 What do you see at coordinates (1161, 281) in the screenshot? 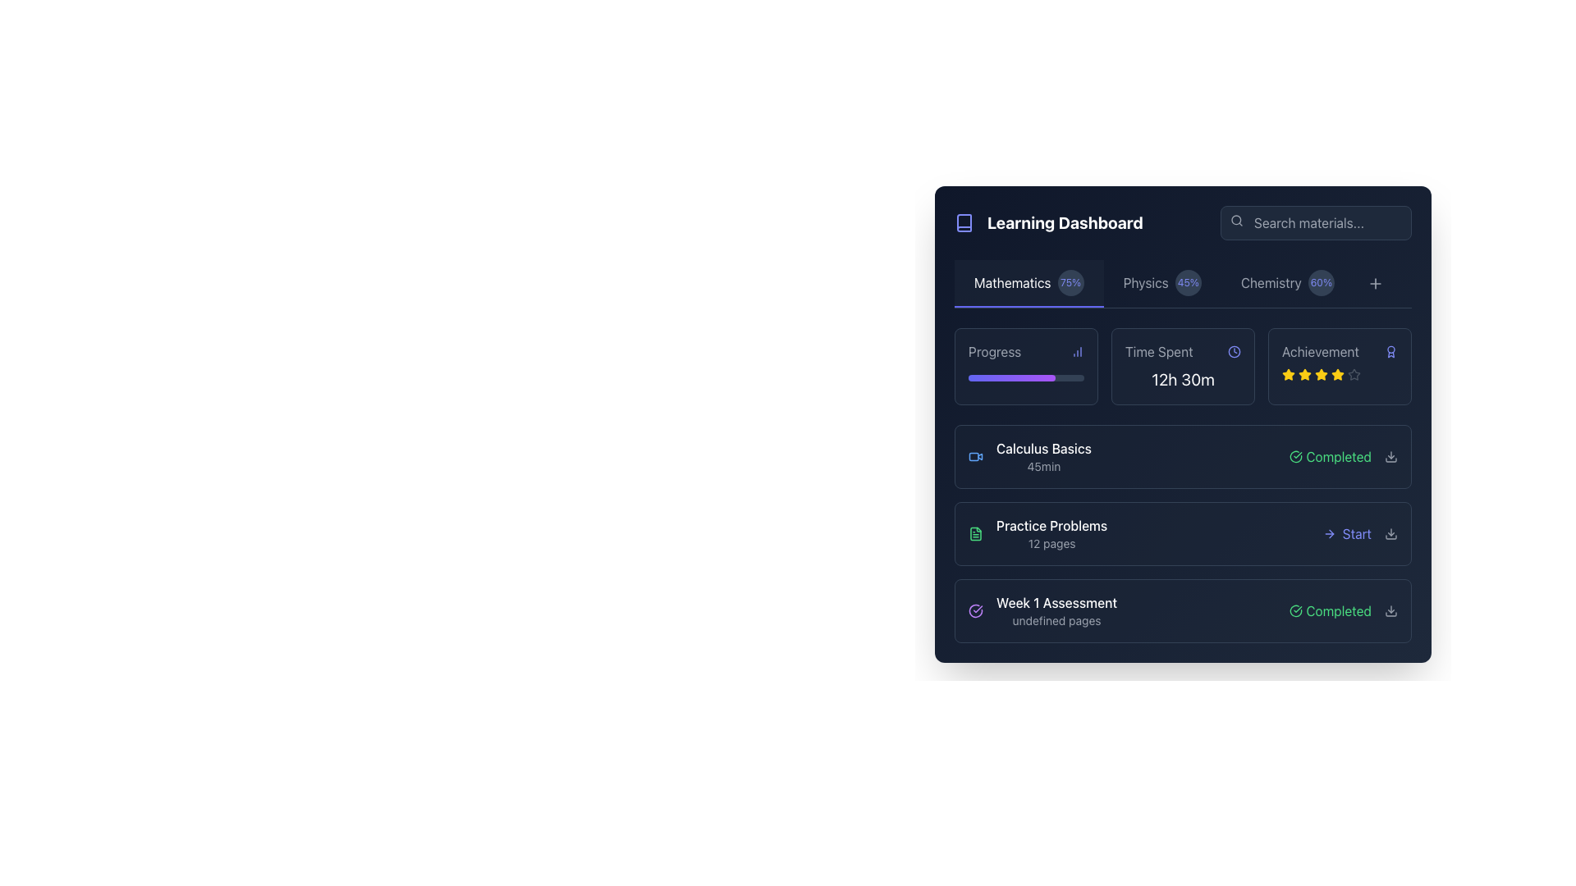
I see `the composite display element labeled 'Physics' which includes a progress indicator showing '45%'` at bounding box center [1161, 281].